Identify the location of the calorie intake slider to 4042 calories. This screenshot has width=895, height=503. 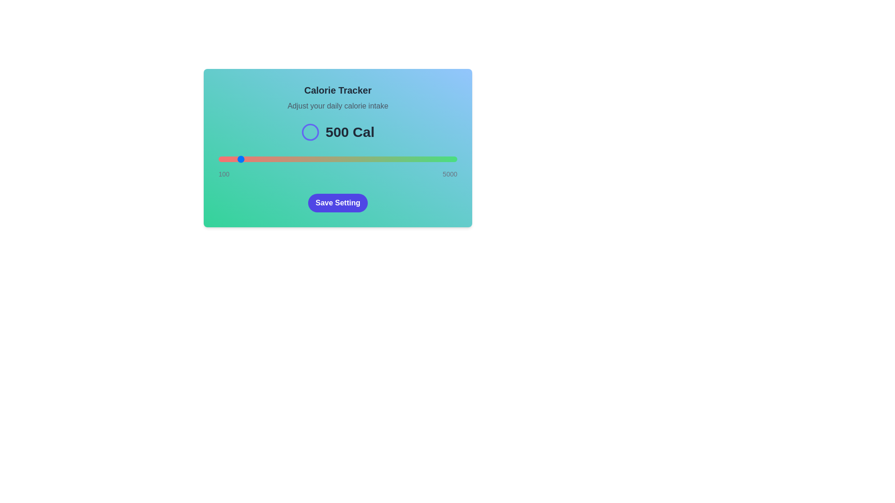
(410, 159).